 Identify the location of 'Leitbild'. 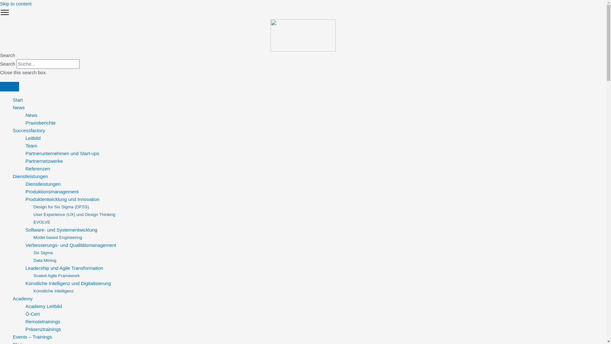
(33, 138).